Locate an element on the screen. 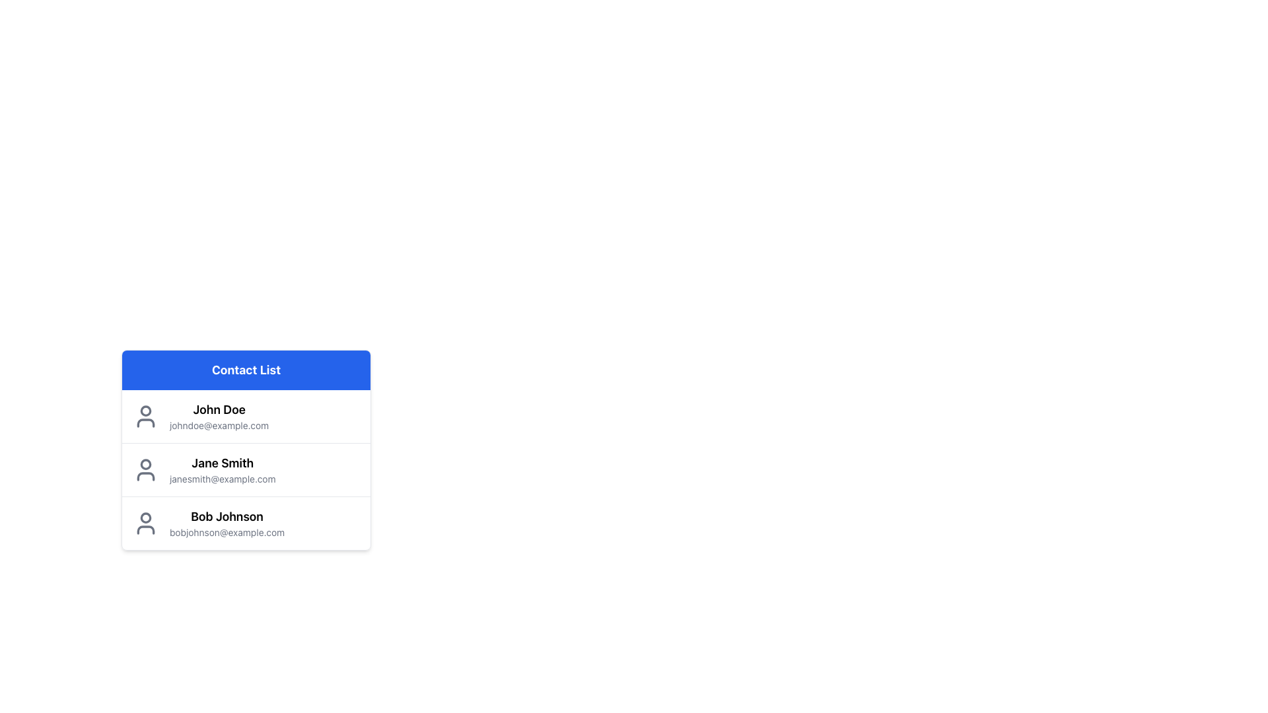 Image resolution: width=1268 pixels, height=713 pixels. the text label displaying 'bobjohnson@example.com' which is located below the name 'Bob Johnson' in the contact list is located at coordinates (227, 531).